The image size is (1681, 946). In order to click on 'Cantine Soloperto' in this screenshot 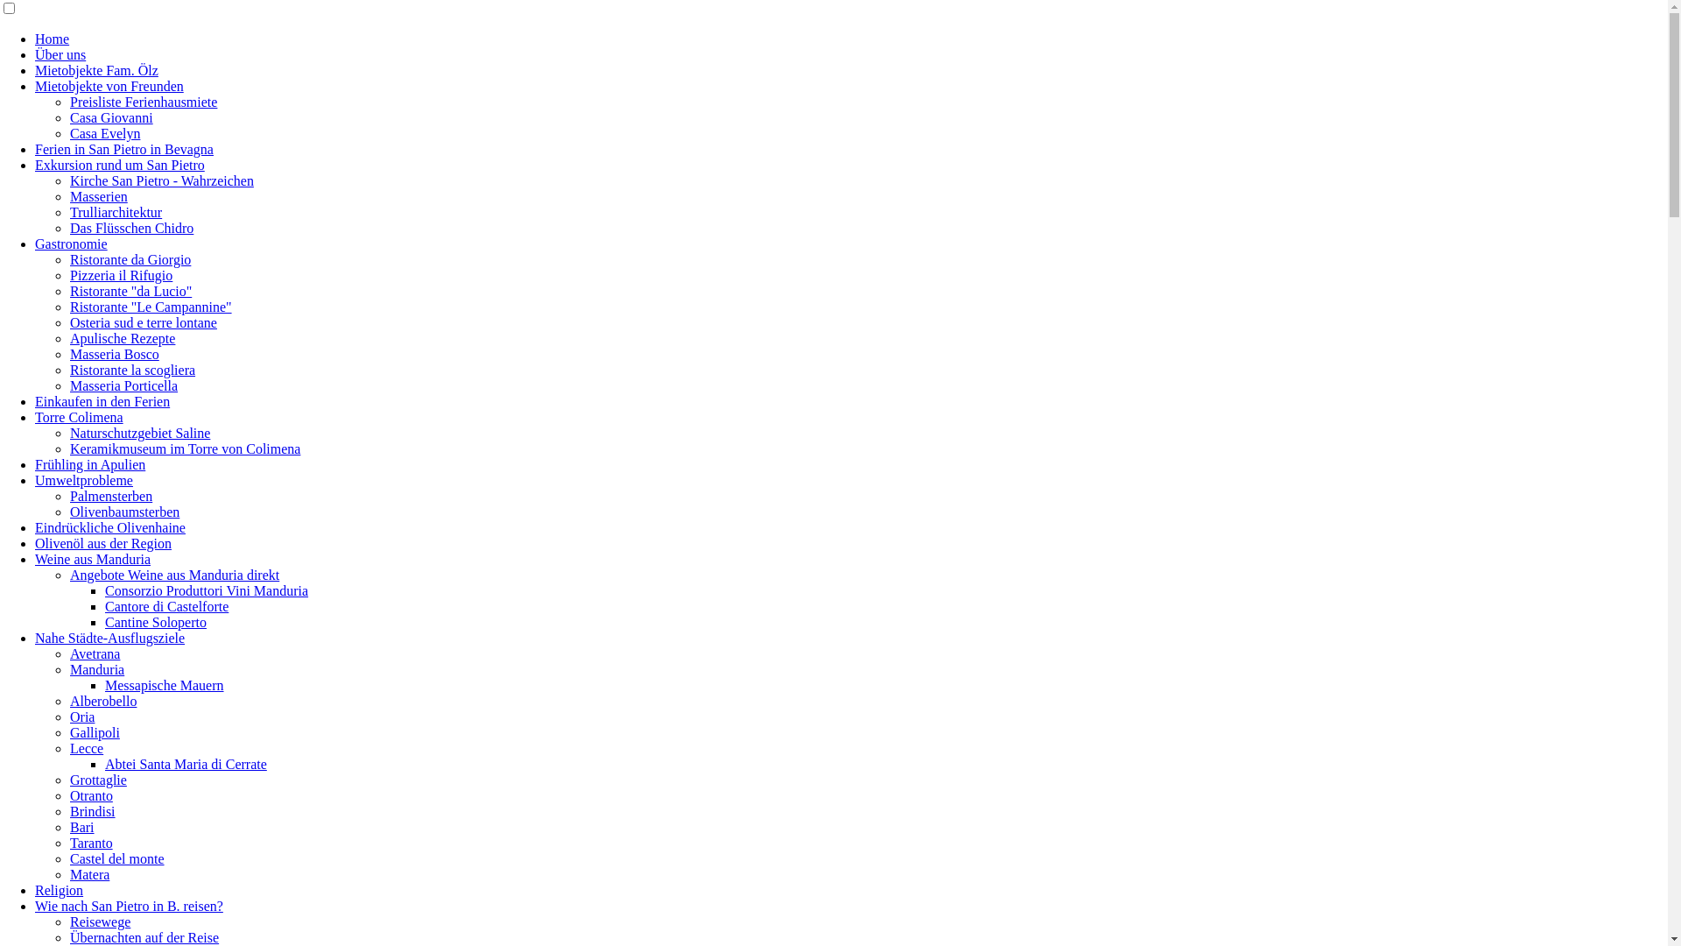, I will do `click(155, 621)`.